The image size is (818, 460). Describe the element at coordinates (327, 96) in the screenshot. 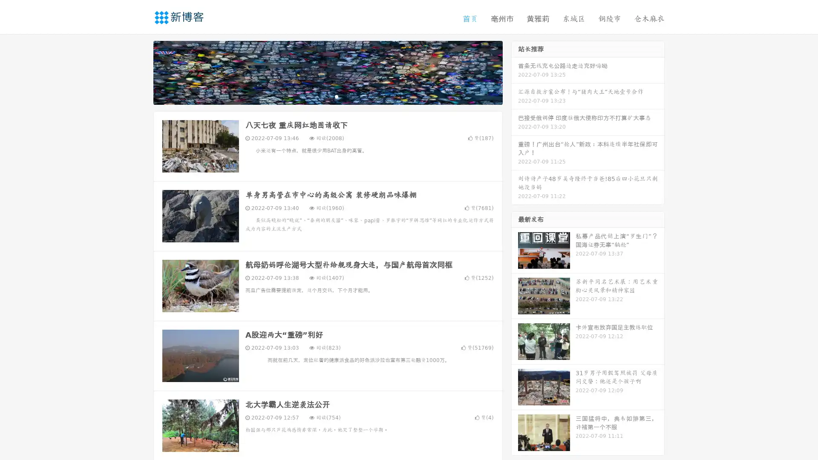

I see `Go to slide 2` at that location.